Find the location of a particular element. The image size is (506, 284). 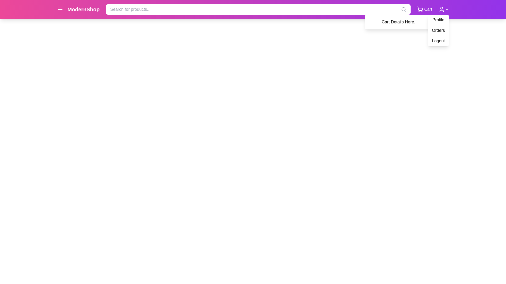

the small vector graphic circle that represents the lens of the magnifying glass in the top-right corner of the interface, which is part of the search icon is located at coordinates (403, 9).